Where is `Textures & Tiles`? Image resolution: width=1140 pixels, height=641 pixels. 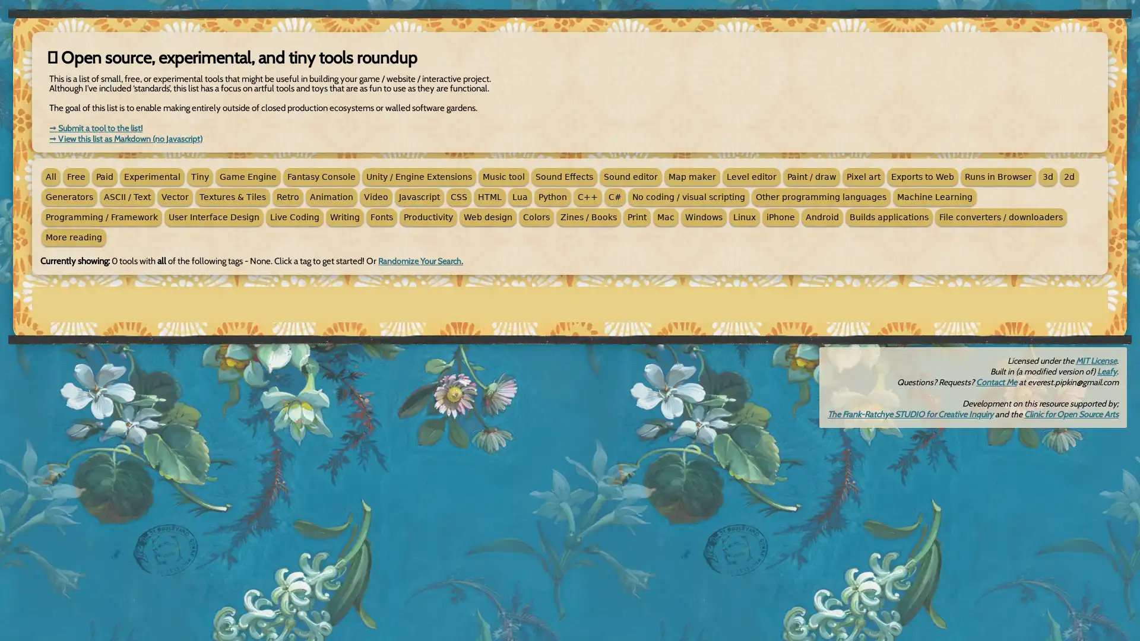 Textures & Tiles is located at coordinates (233, 196).